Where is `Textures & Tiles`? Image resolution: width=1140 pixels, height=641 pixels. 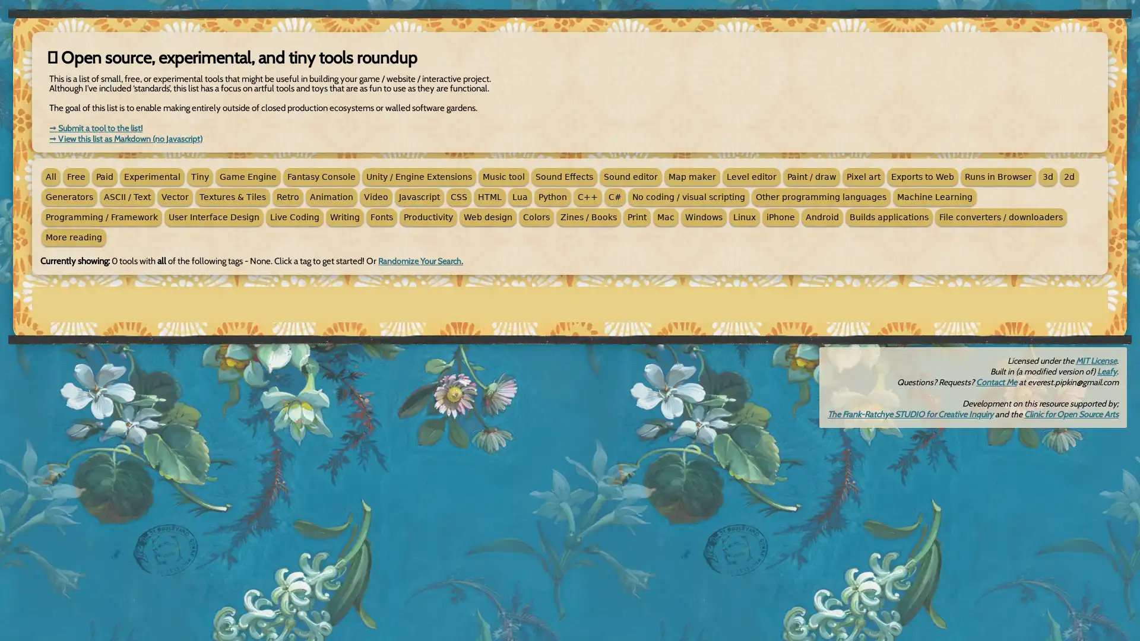 Textures & Tiles is located at coordinates (233, 196).